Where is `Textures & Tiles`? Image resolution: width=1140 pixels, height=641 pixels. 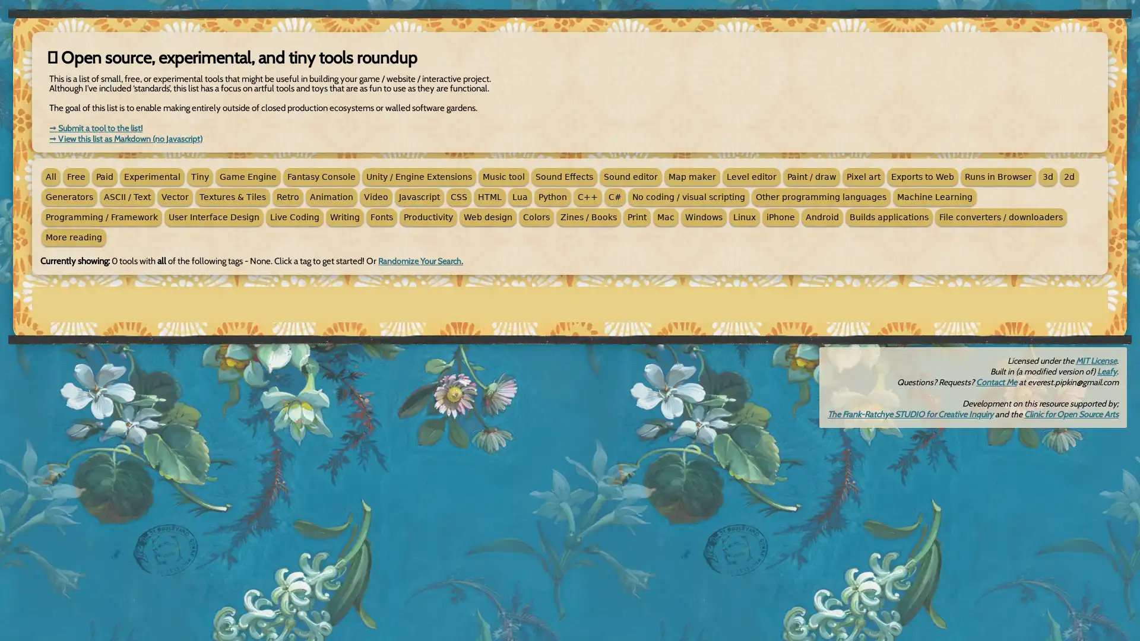 Textures & Tiles is located at coordinates (233, 196).